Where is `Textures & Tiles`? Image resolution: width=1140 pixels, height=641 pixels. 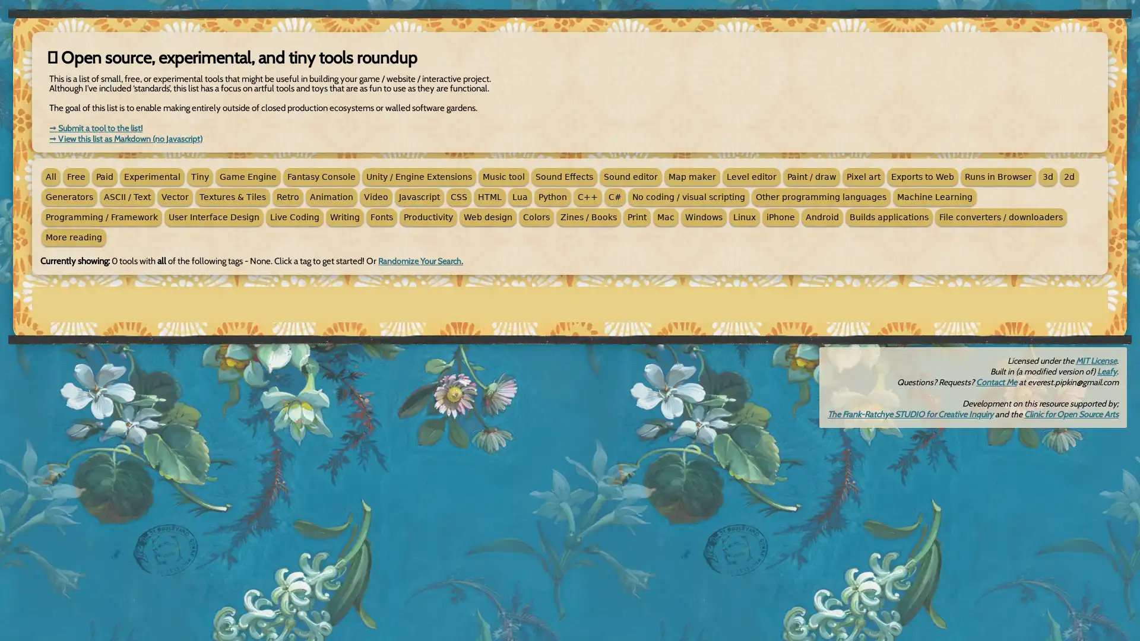 Textures & Tiles is located at coordinates (233, 196).